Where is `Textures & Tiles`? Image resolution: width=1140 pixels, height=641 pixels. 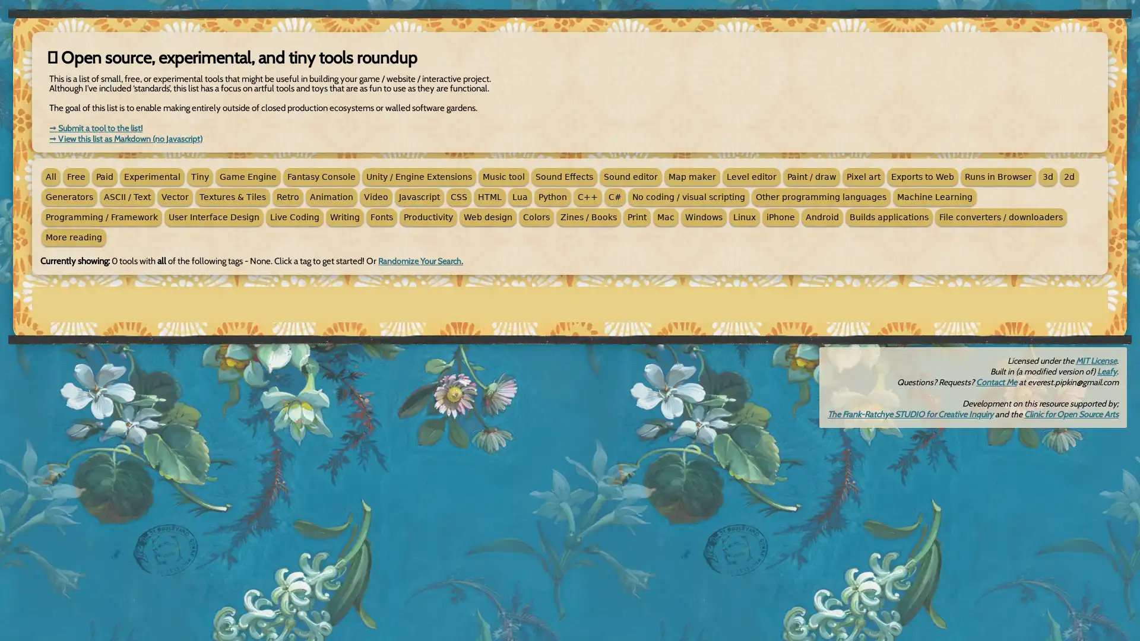 Textures & Tiles is located at coordinates (233, 196).